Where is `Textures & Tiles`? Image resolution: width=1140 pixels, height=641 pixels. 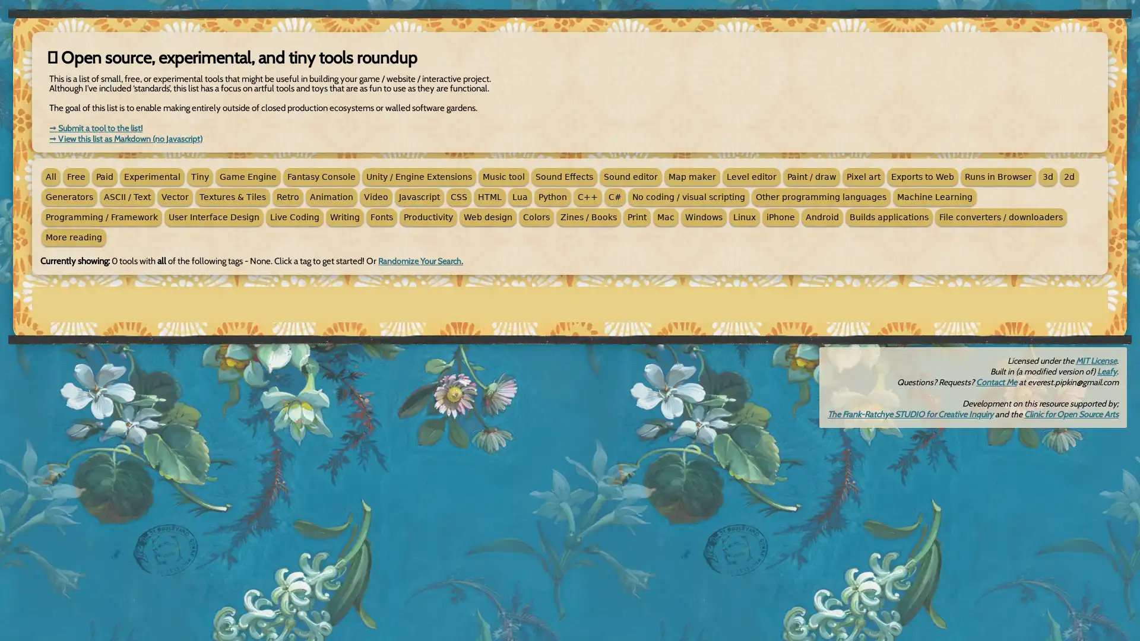 Textures & Tiles is located at coordinates (233, 196).